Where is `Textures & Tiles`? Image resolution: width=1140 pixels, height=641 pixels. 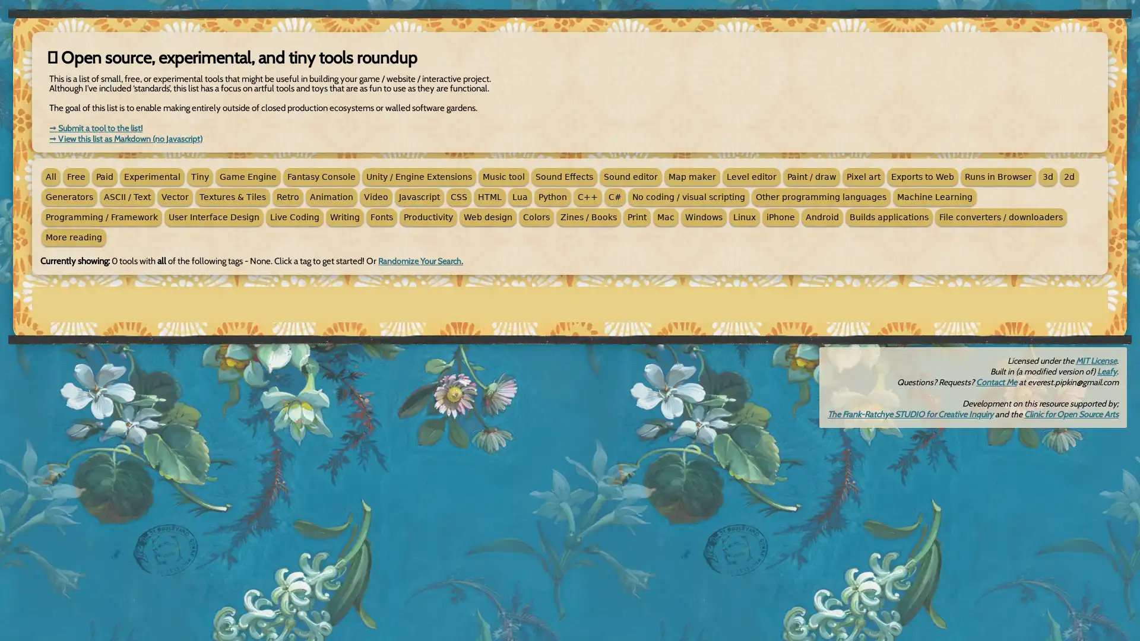 Textures & Tiles is located at coordinates (233, 196).